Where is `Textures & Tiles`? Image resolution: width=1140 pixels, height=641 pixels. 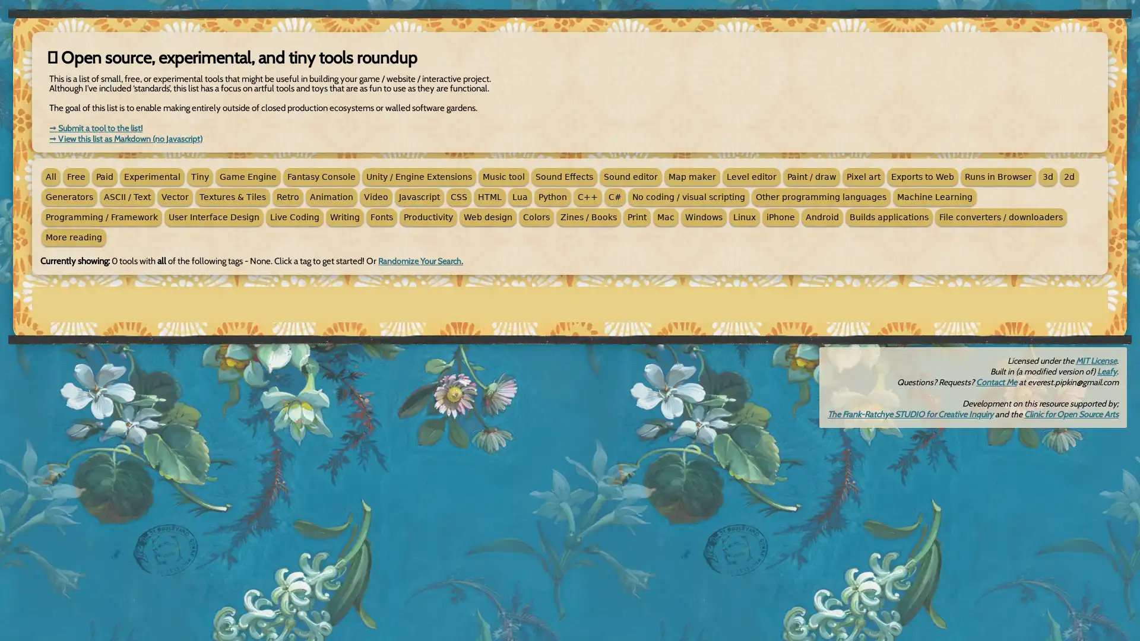 Textures & Tiles is located at coordinates (233, 196).